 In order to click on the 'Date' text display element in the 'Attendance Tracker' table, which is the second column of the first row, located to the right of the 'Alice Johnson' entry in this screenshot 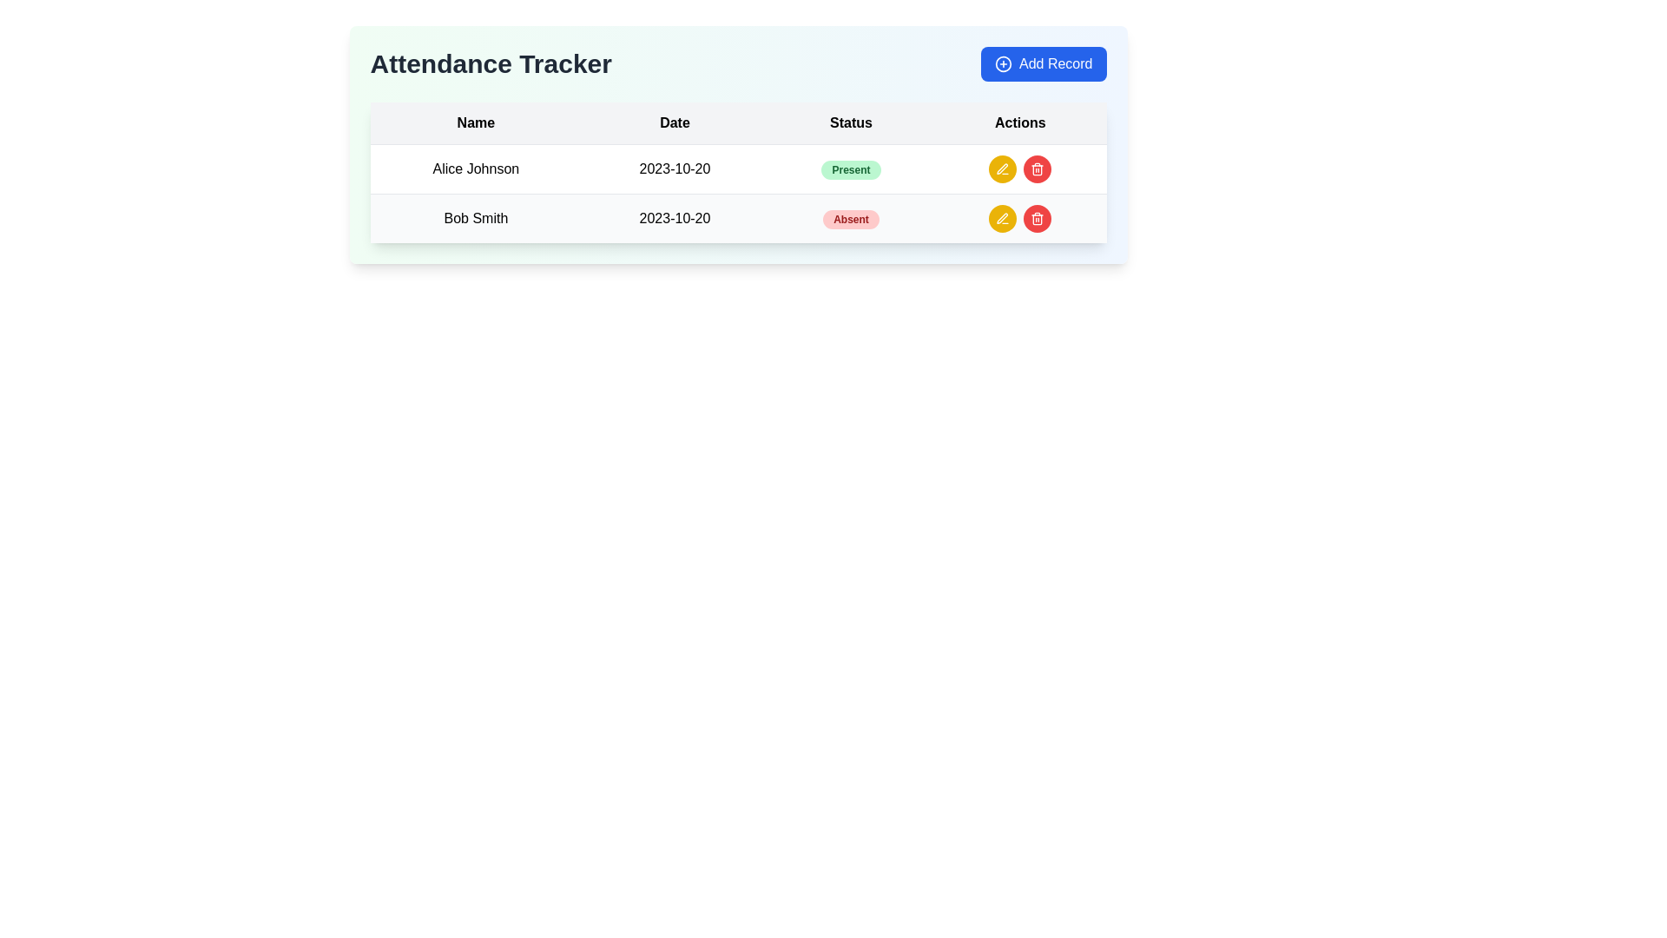, I will do `click(674, 169)`.